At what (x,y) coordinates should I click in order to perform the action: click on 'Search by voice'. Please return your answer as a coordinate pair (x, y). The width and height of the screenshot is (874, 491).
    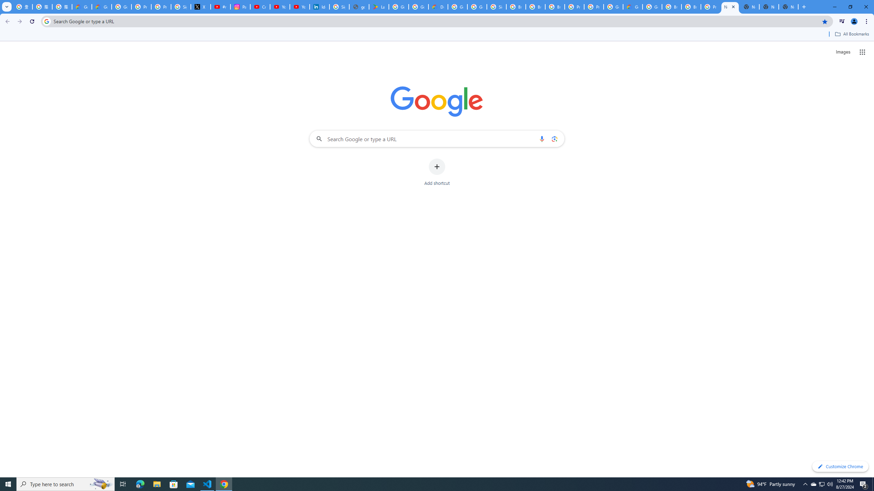
    Looking at the image, I should click on (541, 138).